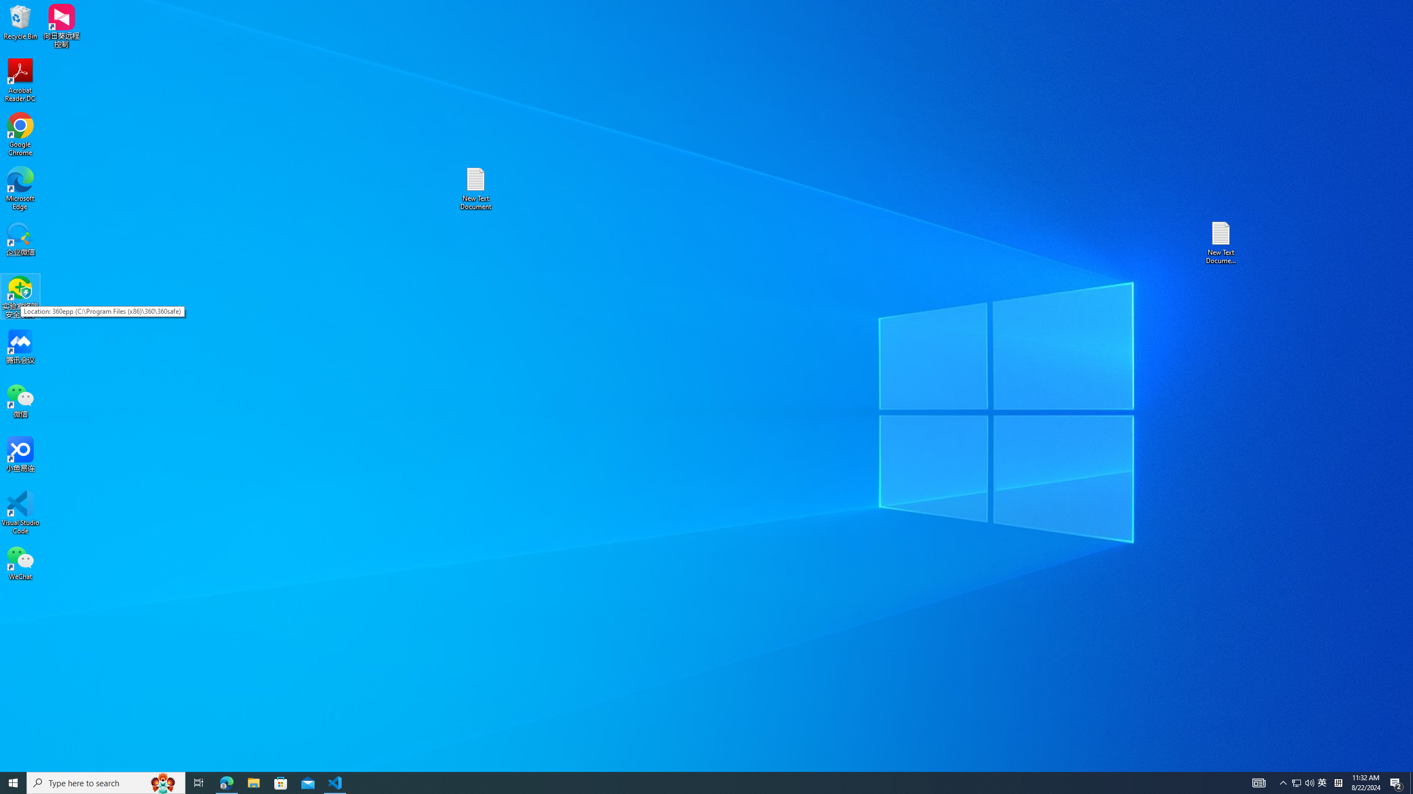 This screenshot has width=1413, height=794. I want to click on 'AutomationID: 4105', so click(1258, 782).